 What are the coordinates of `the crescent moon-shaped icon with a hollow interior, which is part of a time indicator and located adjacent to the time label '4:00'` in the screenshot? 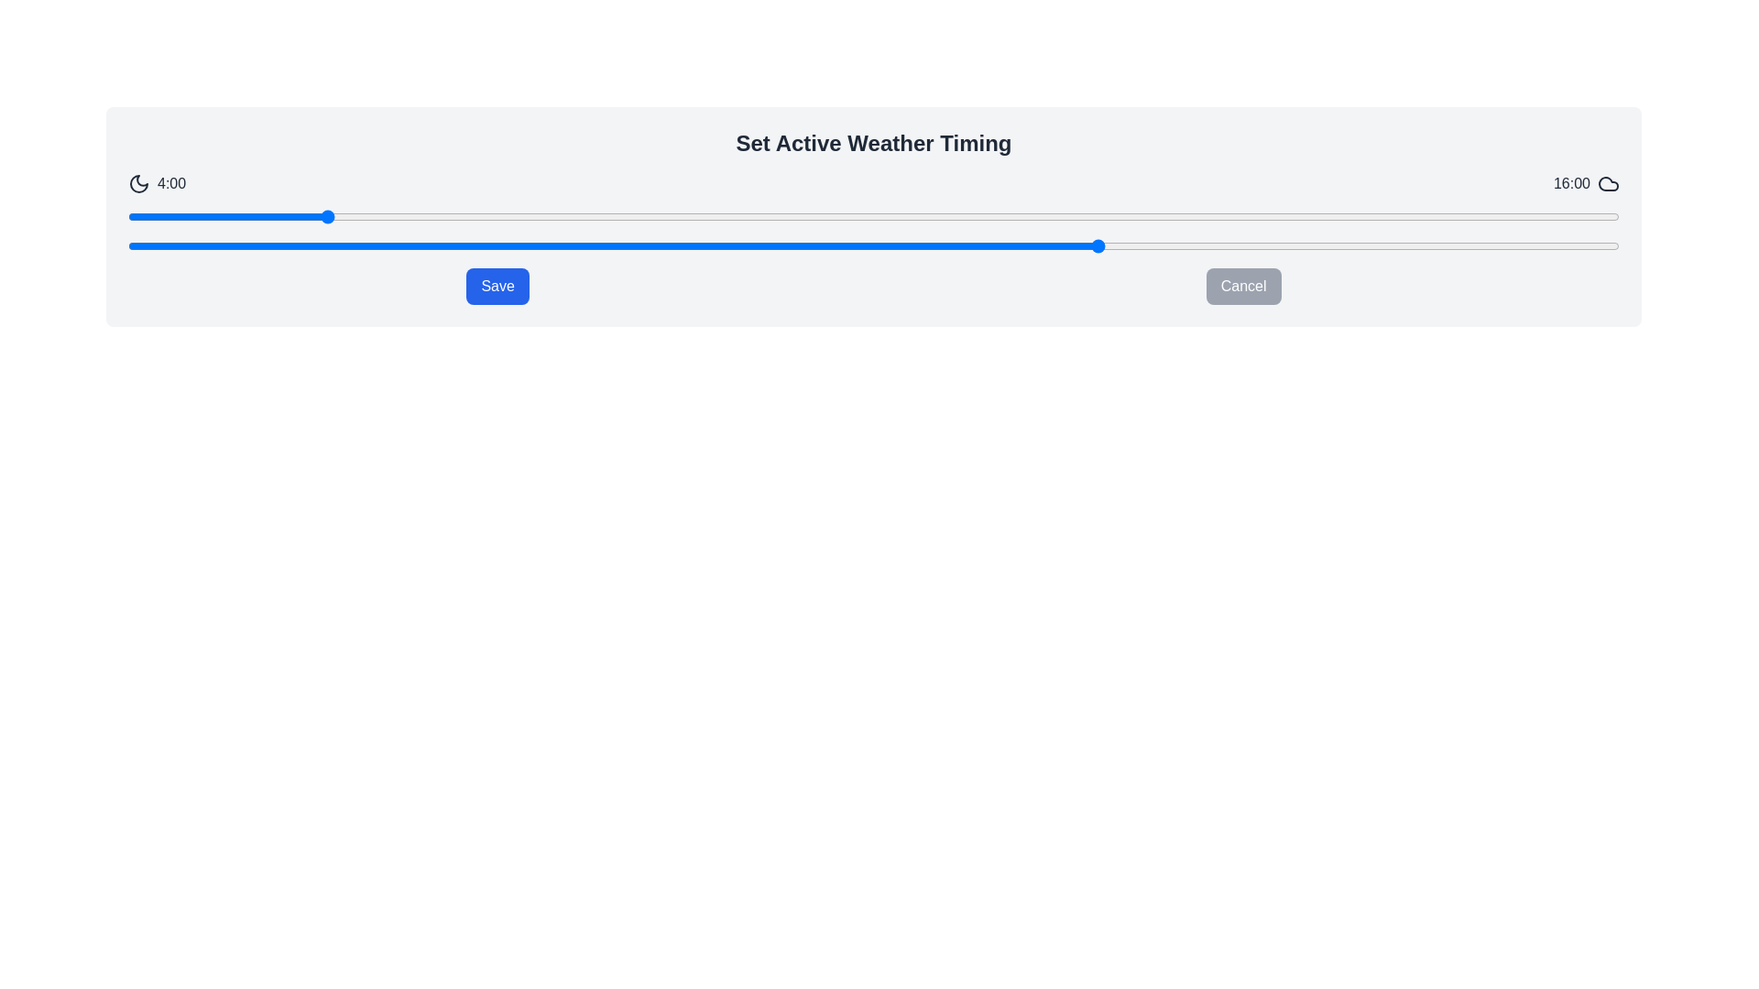 It's located at (138, 183).